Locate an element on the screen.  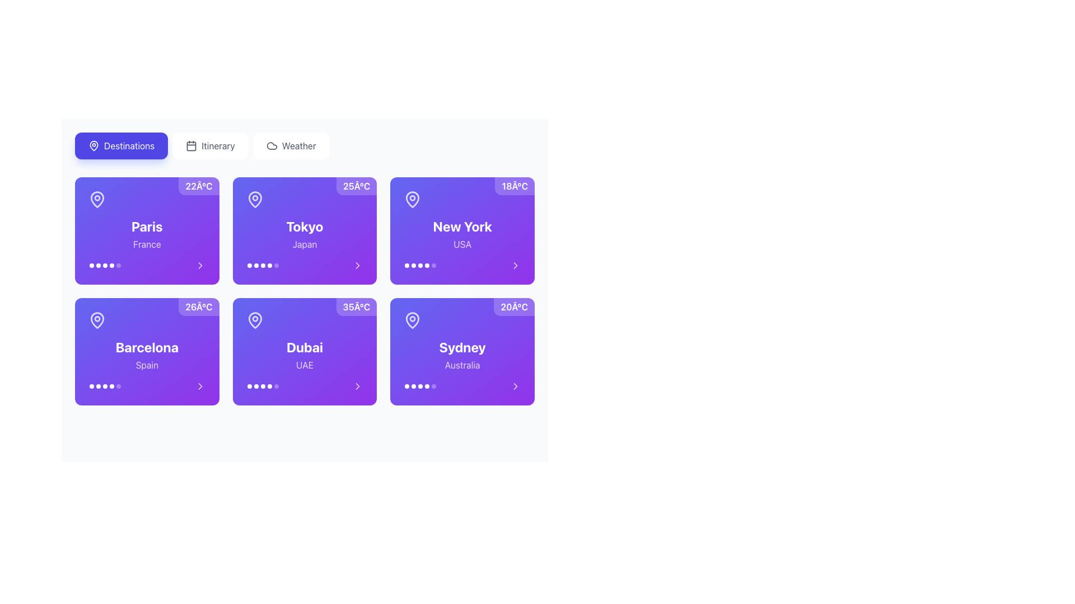
the temperature indicator label in the top-right corner of the 'Paris, France' card is located at coordinates (199, 185).